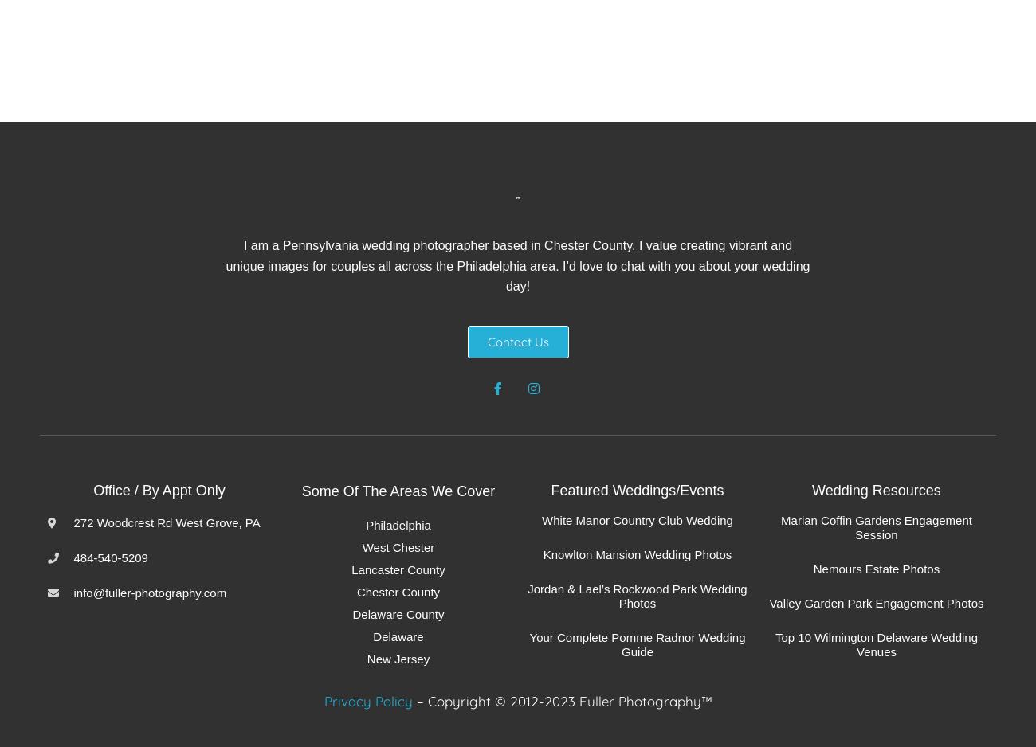 This screenshot has width=1036, height=747. Describe the element at coordinates (226, 265) in the screenshot. I see `'I am a Pennsylvania wedding photographer based in Chester County. I value creating vibrant and unique images for couples all across the Philadelphia area. I’d love to chat with you about your wedding day!'` at that location.